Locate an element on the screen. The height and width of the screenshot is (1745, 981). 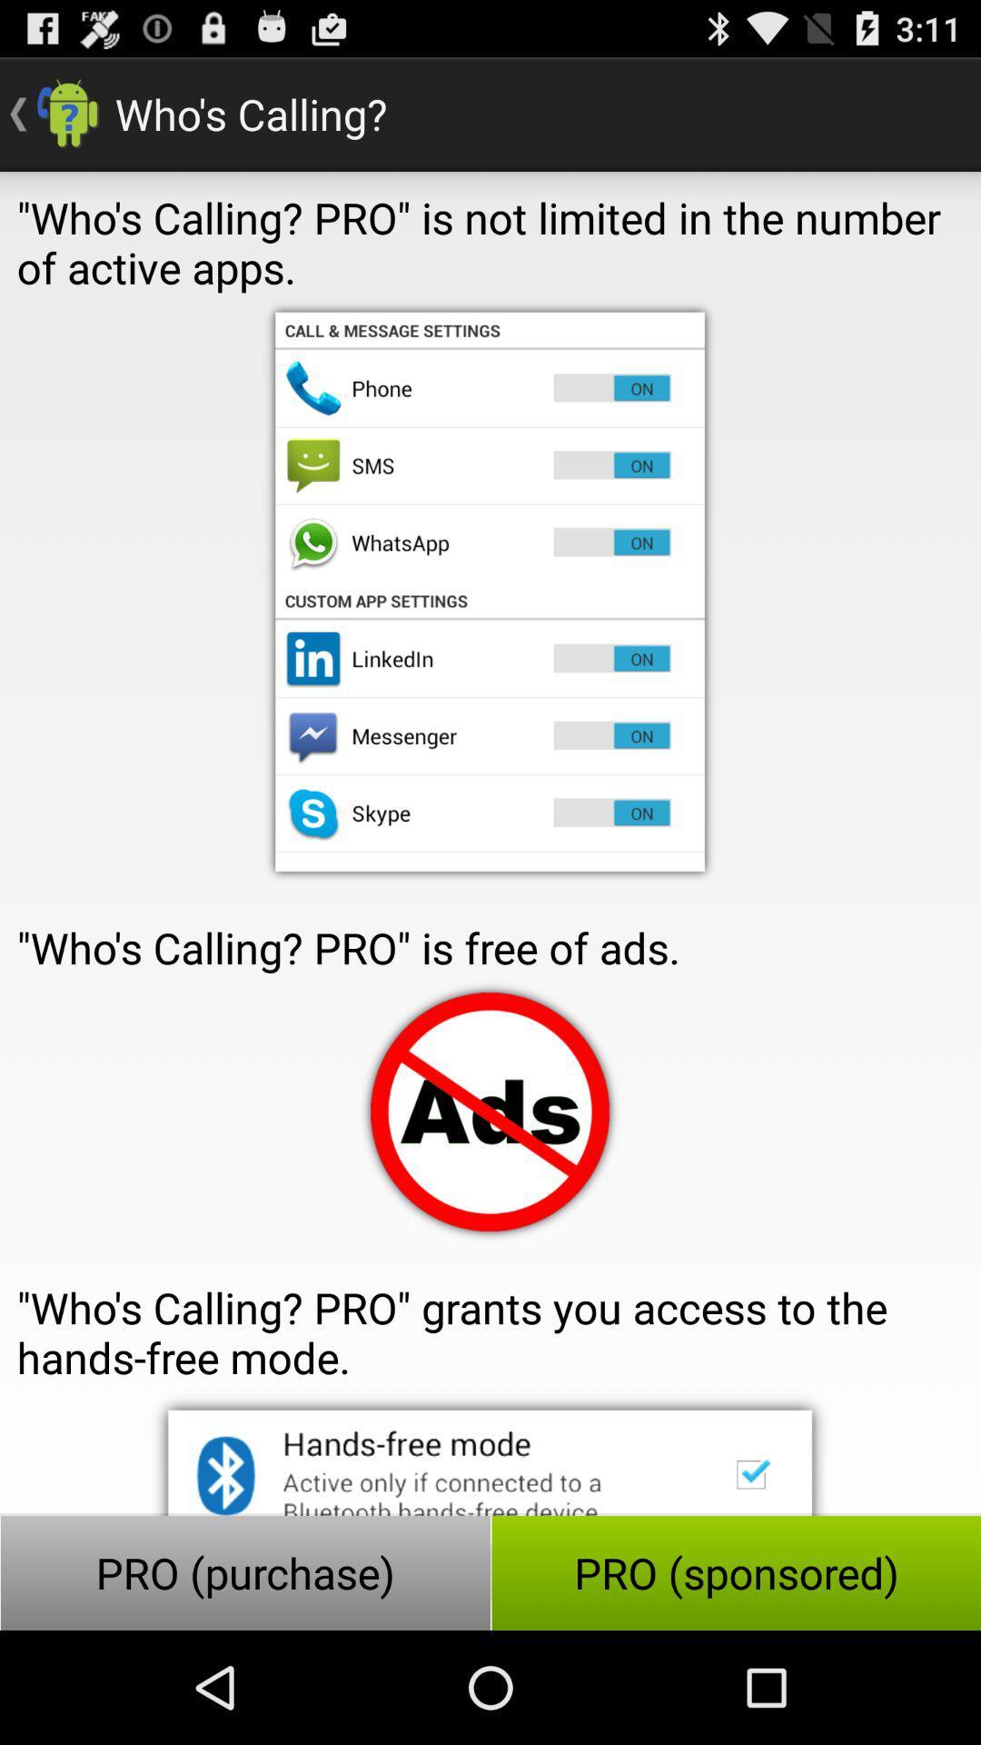
the button next to pro (sponsored) icon is located at coordinates (245, 1572).